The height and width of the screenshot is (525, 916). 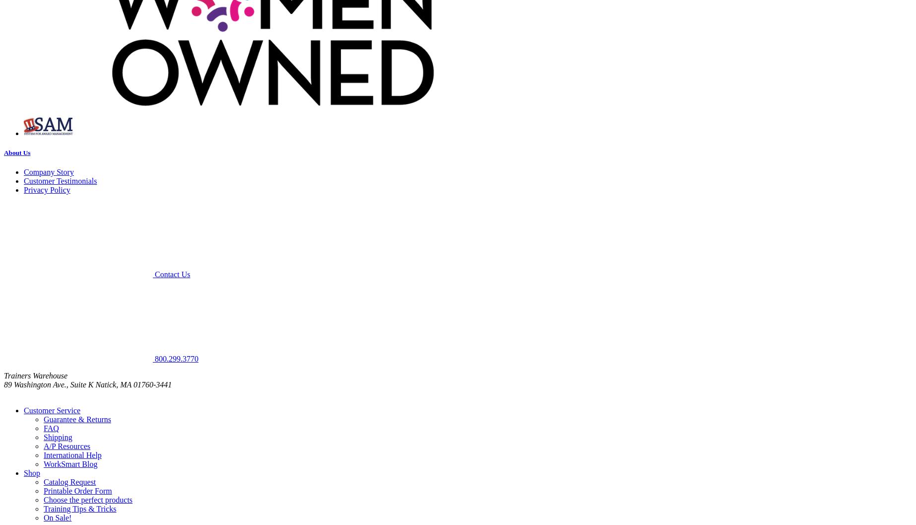 I want to click on '89 Washington Ave., Suite K 
                    Natick, MA 01760-3441', so click(x=88, y=384).